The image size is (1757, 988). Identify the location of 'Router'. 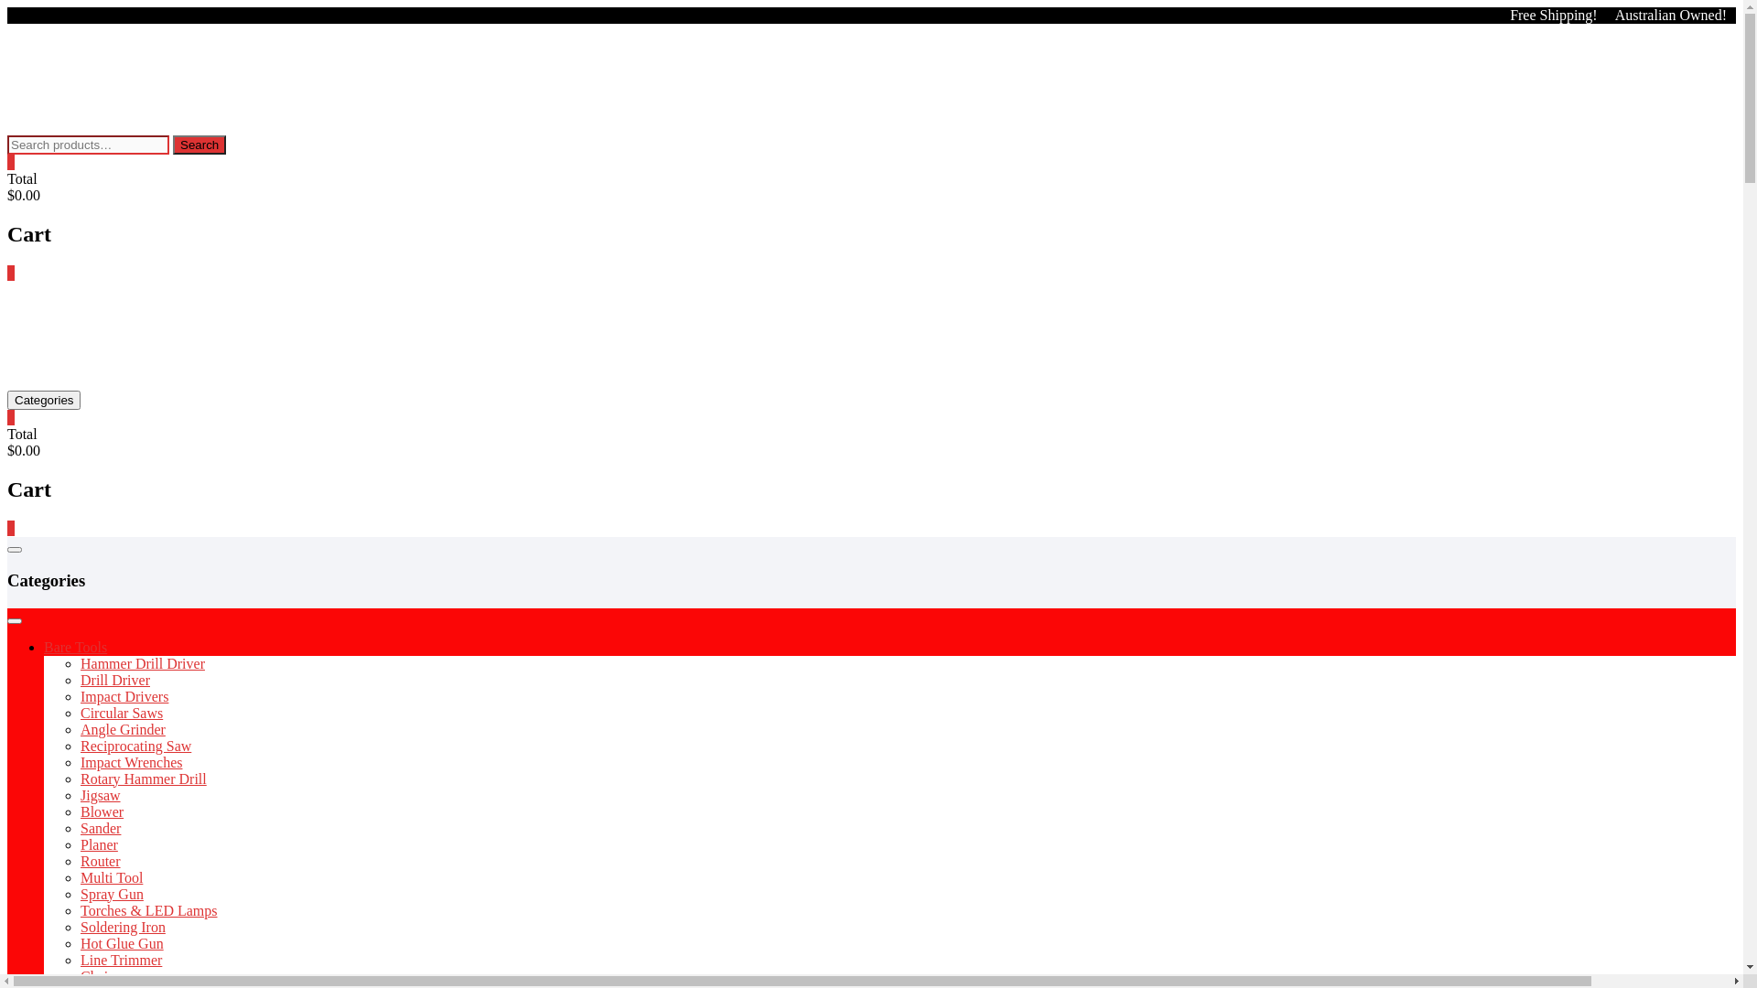
(79, 861).